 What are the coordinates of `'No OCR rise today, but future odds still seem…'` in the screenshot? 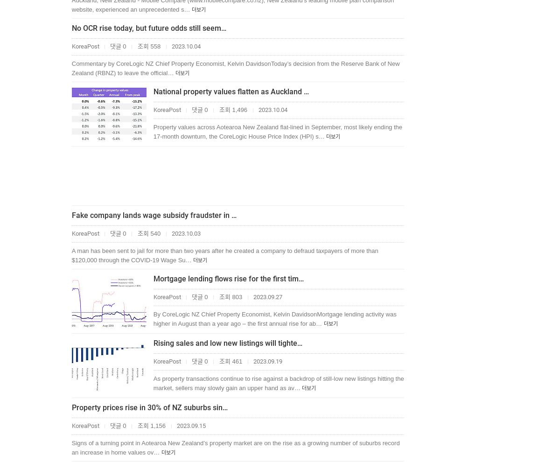 It's located at (148, 28).